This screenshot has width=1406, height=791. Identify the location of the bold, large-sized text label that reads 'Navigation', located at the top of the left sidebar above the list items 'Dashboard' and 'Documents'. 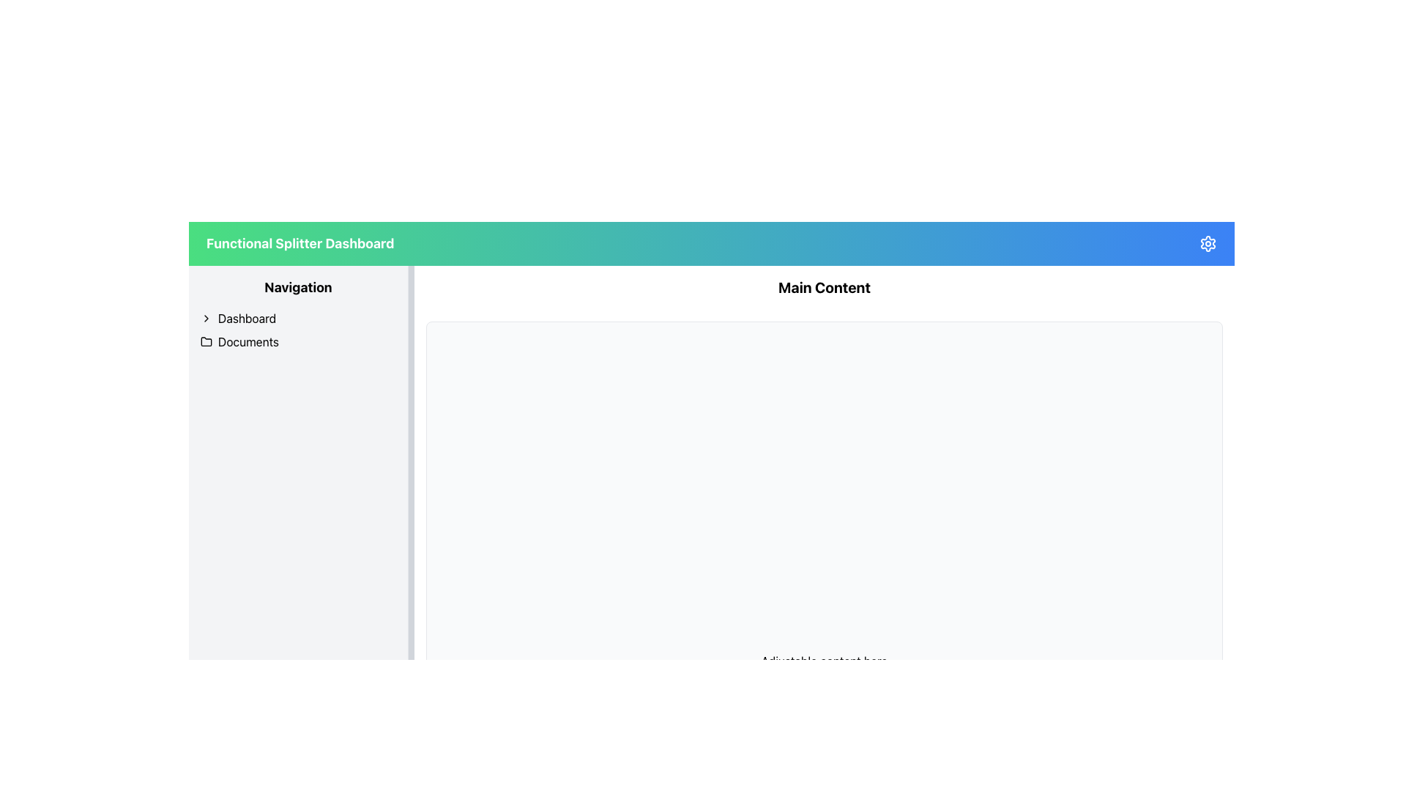
(297, 288).